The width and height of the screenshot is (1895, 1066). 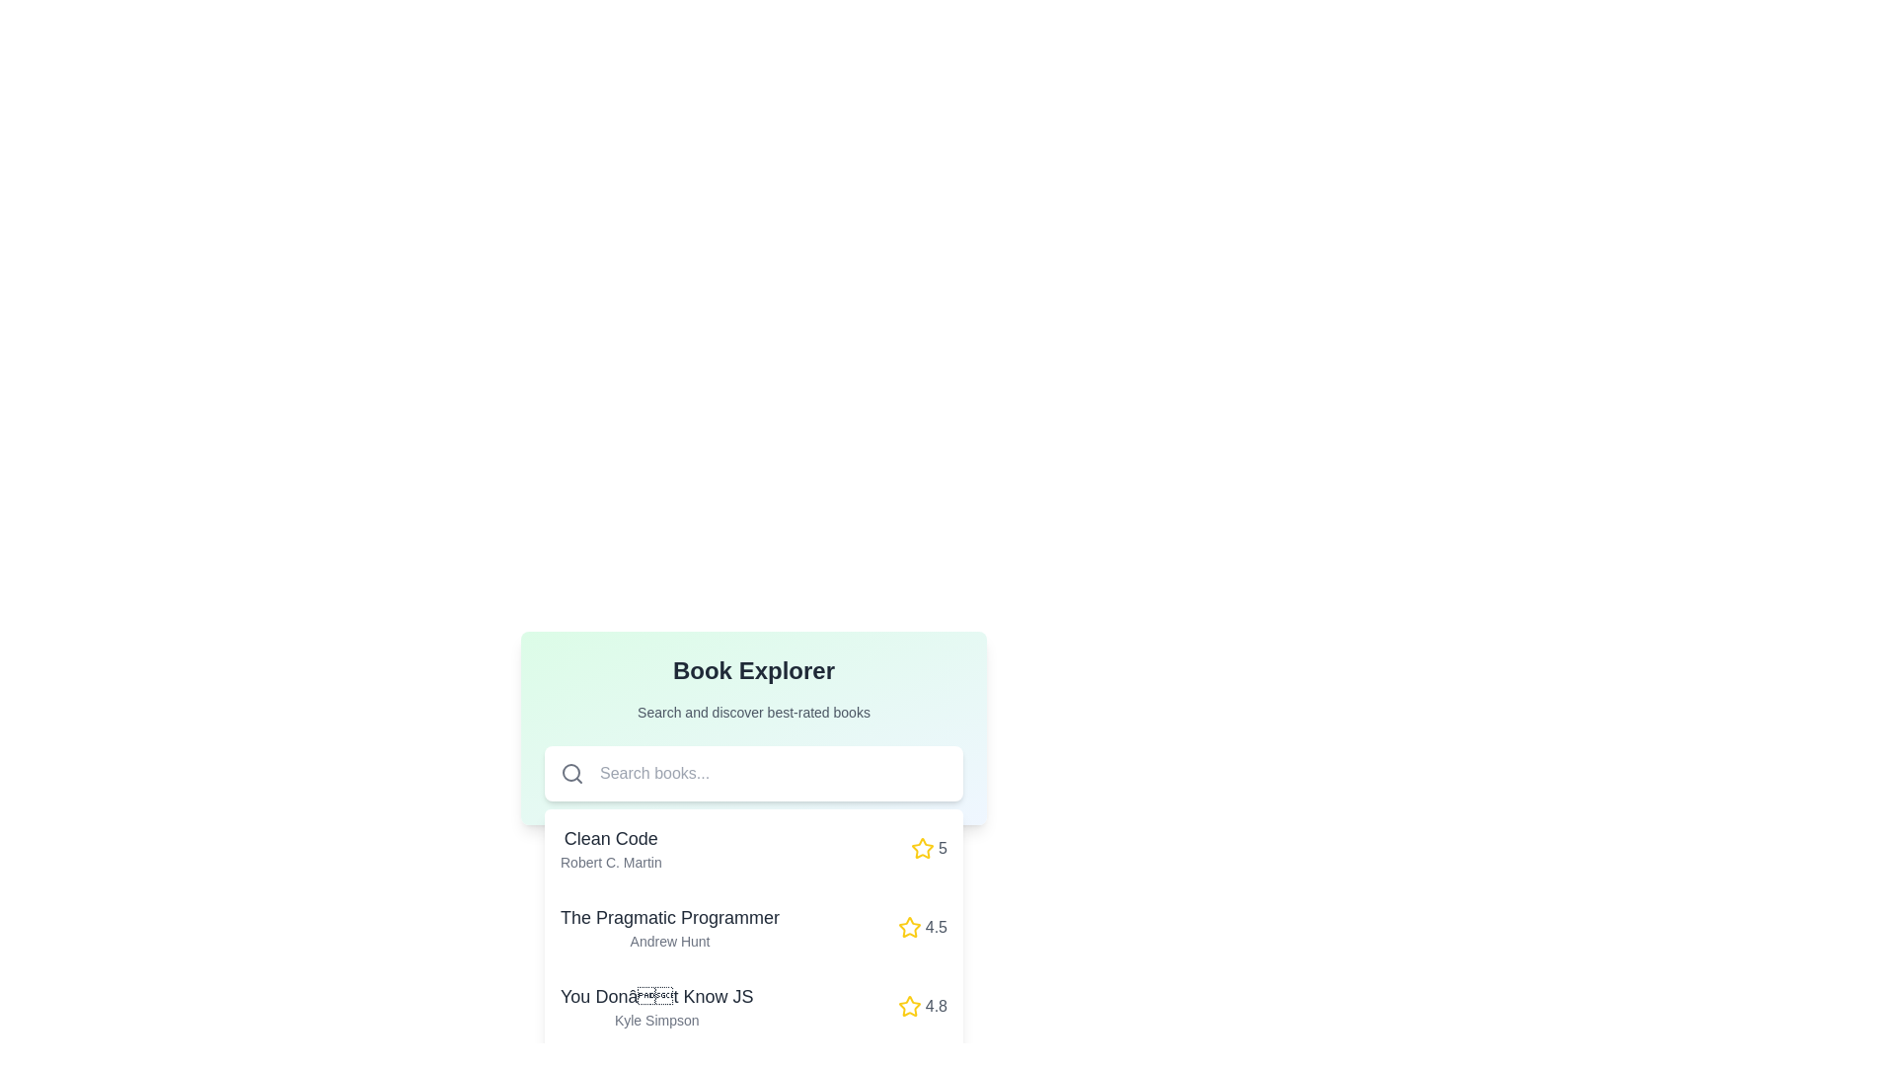 I want to click on the third book card in the list, so click(x=752, y=1006).